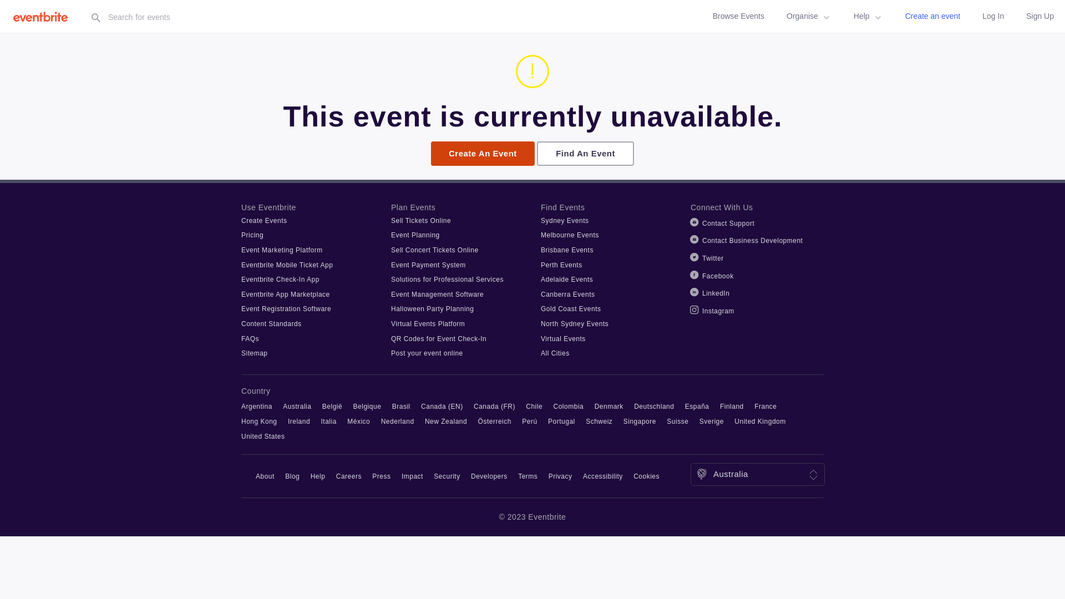  What do you see at coordinates (412, 476) in the screenshot?
I see `'Impact'` at bounding box center [412, 476].